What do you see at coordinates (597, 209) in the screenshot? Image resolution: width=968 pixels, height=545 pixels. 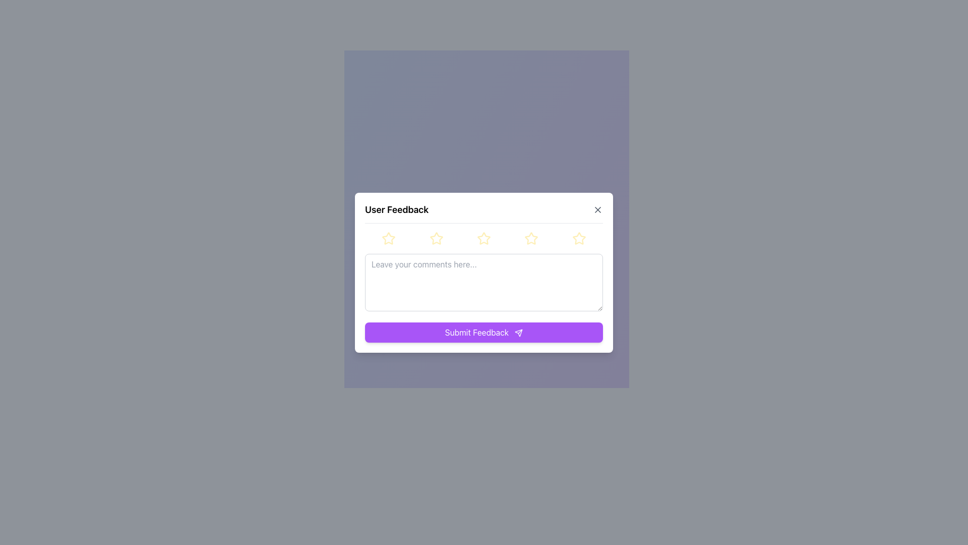 I see `the 'X' icon close button located at the top-right corner of the 'User Feedback' card` at bounding box center [597, 209].